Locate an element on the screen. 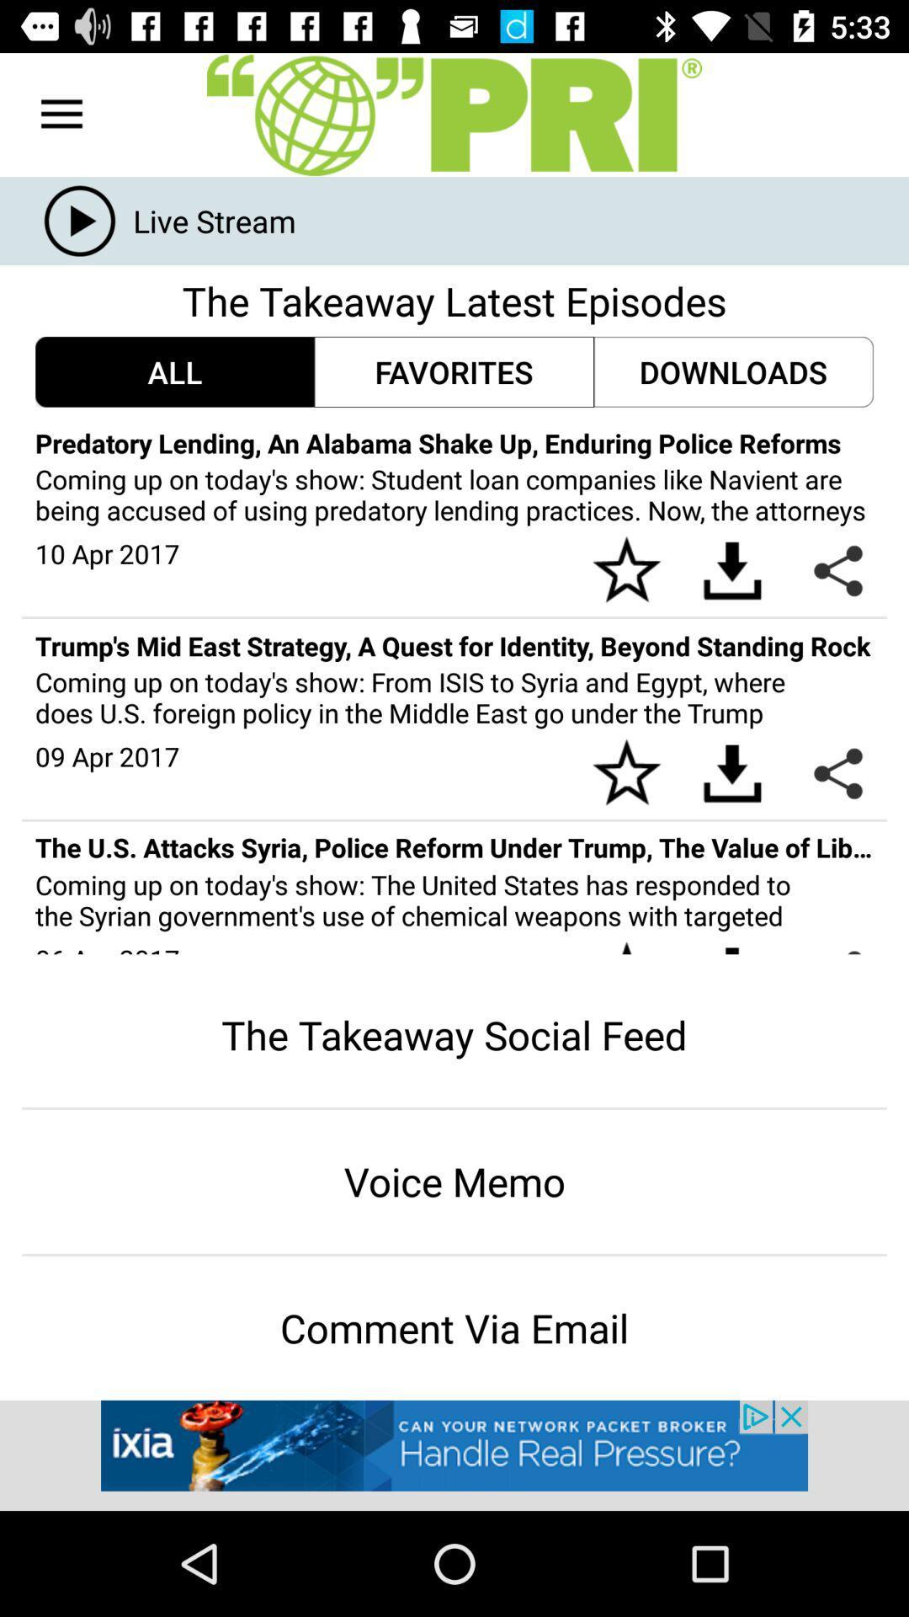  the play icon is located at coordinates (79, 220).